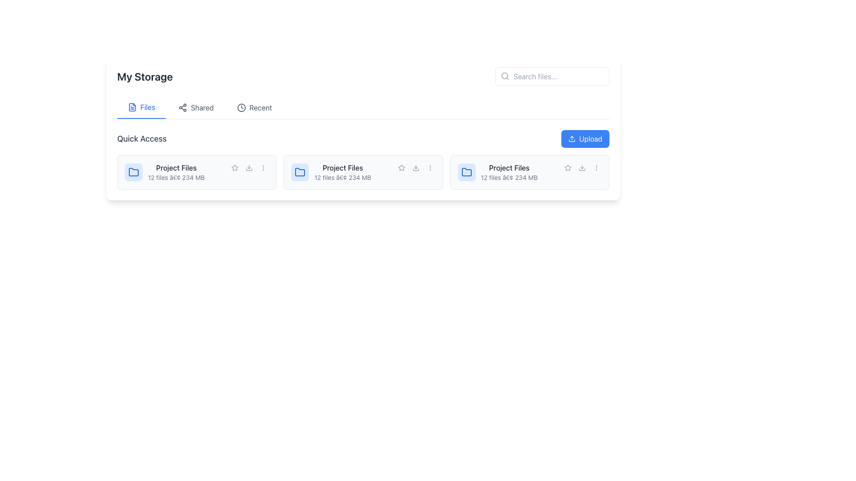 The height and width of the screenshot is (481, 856). I want to click on the 'Project Files' folder represented by a blue icon and text metadata, so click(331, 172).